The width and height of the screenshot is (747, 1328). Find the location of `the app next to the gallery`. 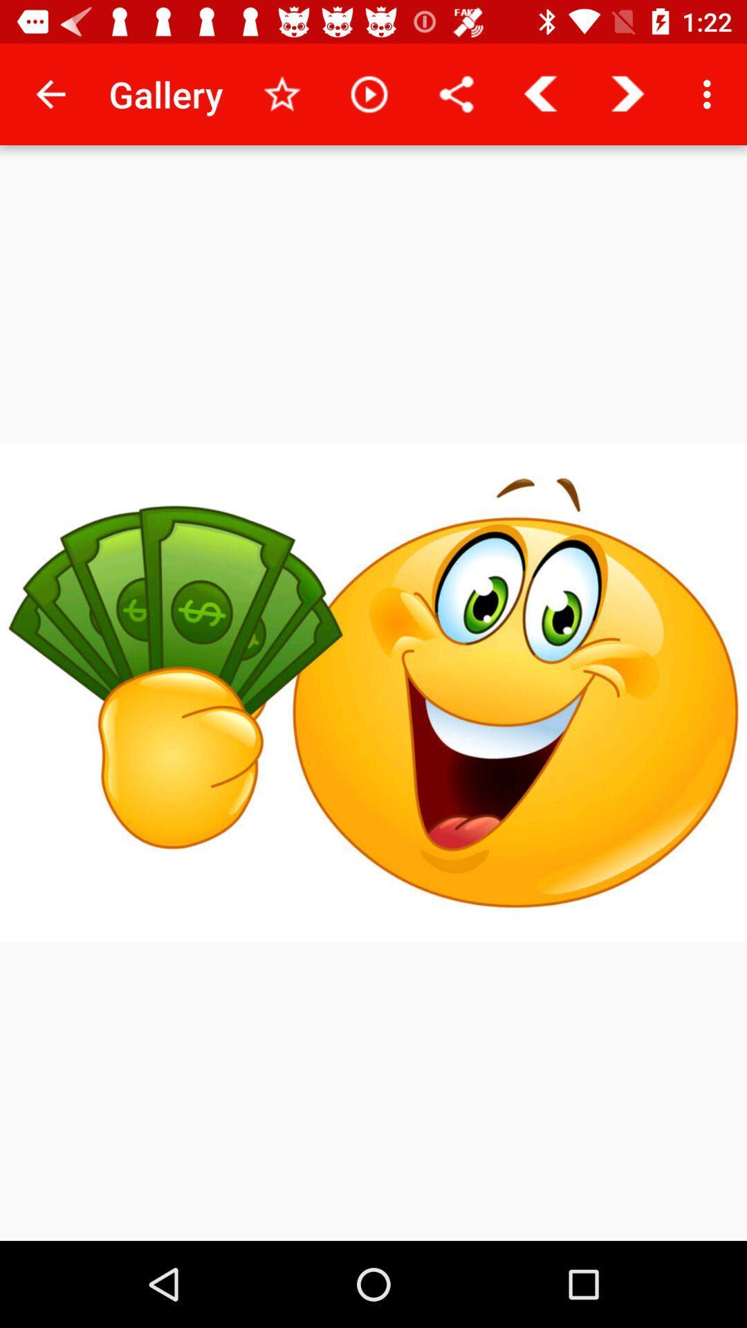

the app next to the gallery is located at coordinates (50, 93).